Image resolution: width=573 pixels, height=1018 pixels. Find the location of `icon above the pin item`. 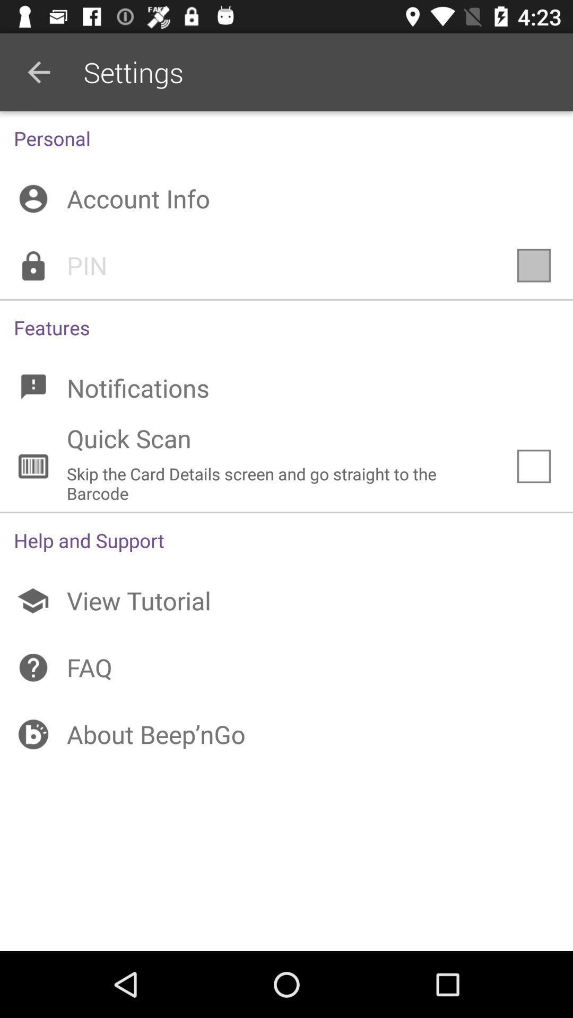

icon above the pin item is located at coordinates (286, 198).